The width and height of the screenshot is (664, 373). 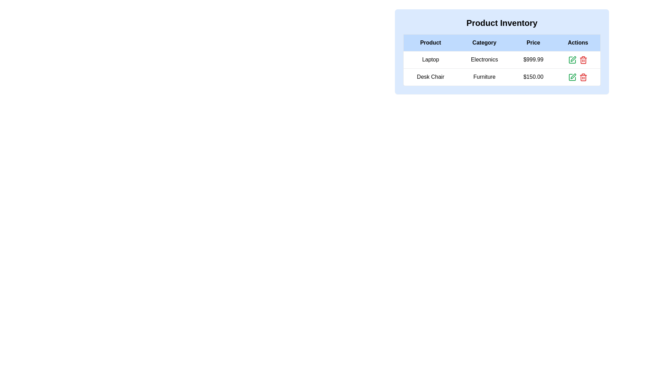 I want to click on the trash can icon button in the 'Actions' column of the 'Product Inventory' table to get a tooltip or visual indication of interactivity, so click(x=583, y=59).